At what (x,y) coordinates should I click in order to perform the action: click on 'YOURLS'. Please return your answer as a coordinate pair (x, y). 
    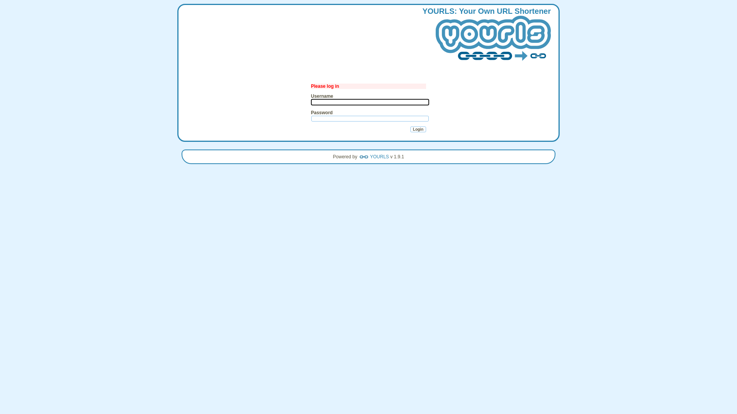
    Looking at the image, I should click on (358, 156).